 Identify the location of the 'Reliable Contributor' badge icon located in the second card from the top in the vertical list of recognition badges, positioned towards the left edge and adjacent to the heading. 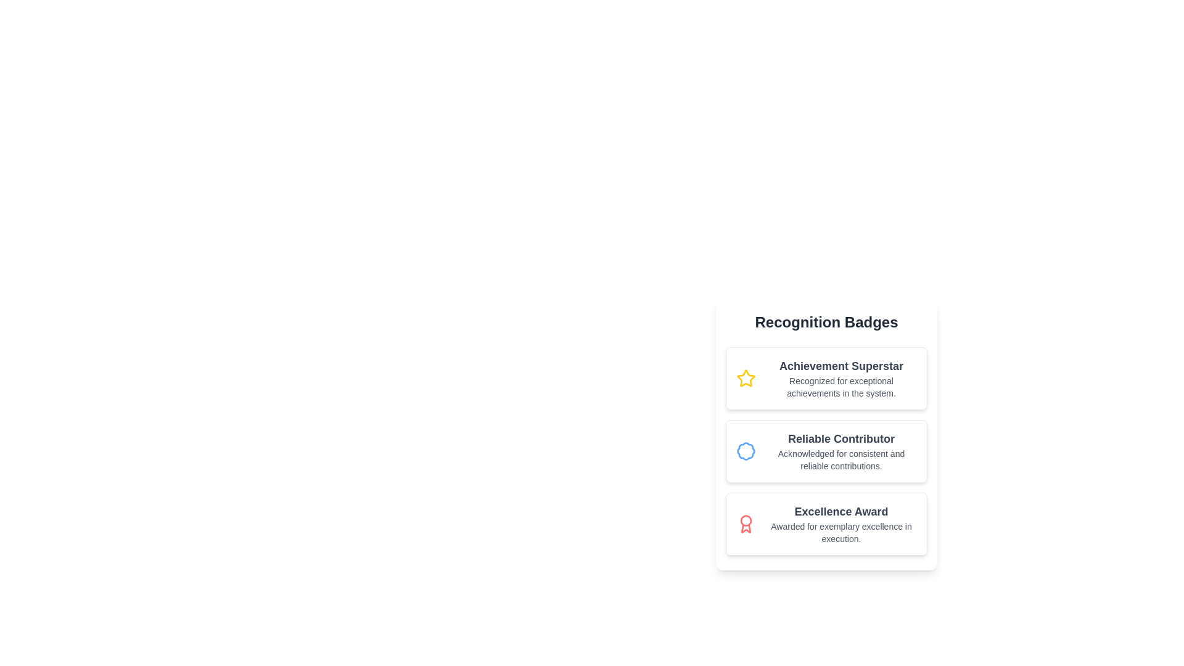
(750, 451).